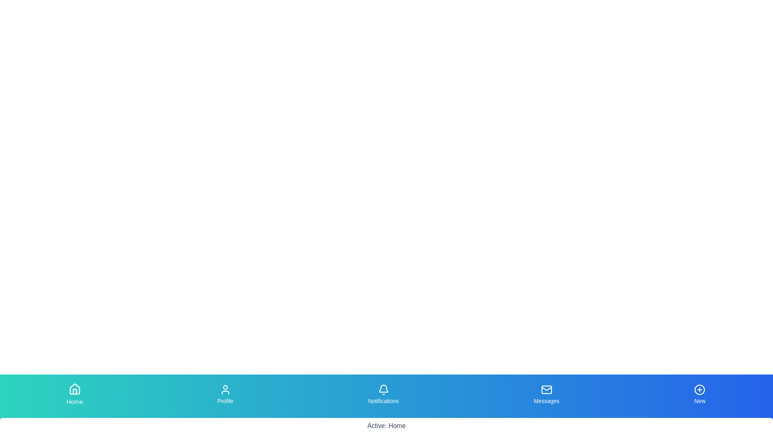 The image size is (773, 434). Describe the element at coordinates (699, 394) in the screenshot. I see `the tab labeled New` at that location.